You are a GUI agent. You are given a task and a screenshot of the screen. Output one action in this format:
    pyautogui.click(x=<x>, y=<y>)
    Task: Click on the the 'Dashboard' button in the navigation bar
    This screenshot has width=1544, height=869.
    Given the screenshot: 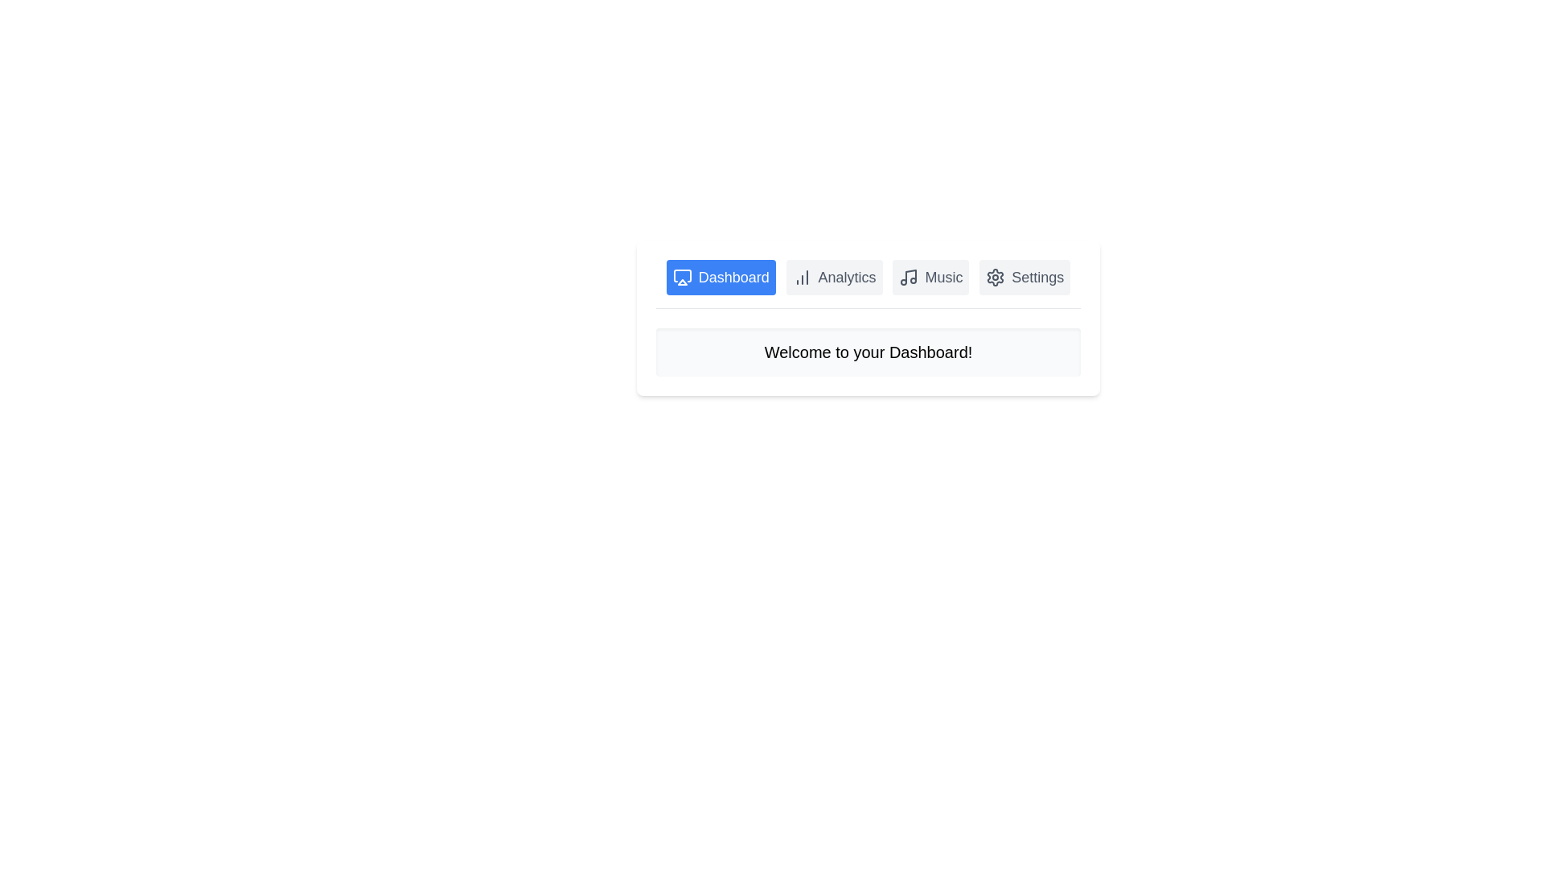 What is the action you would take?
    pyautogui.click(x=720, y=276)
    